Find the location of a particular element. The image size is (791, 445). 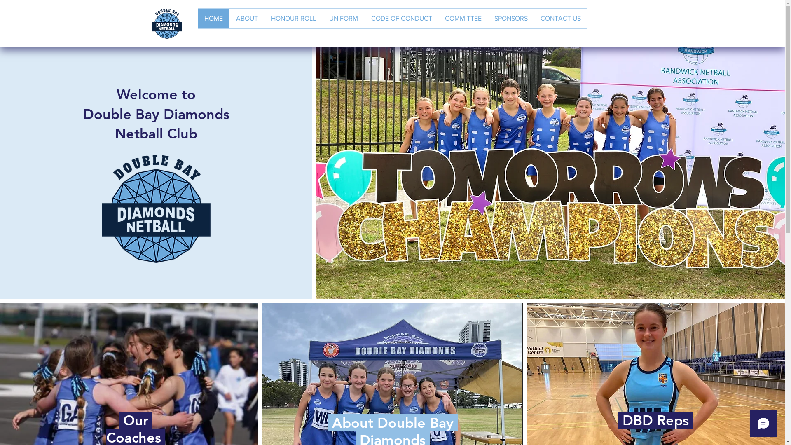

'HOME' is located at coordinates (213, 19).